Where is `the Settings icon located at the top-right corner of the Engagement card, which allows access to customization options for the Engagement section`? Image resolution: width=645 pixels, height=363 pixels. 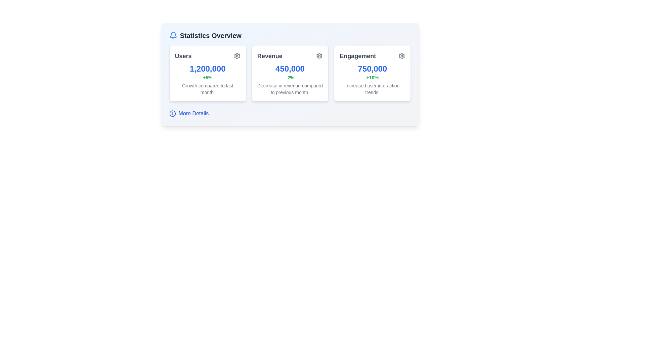
the Settings icon located at the top-right corner of the Engagement card, which allows access to customization options for the Engagement section is located at coordinates (402, 55).